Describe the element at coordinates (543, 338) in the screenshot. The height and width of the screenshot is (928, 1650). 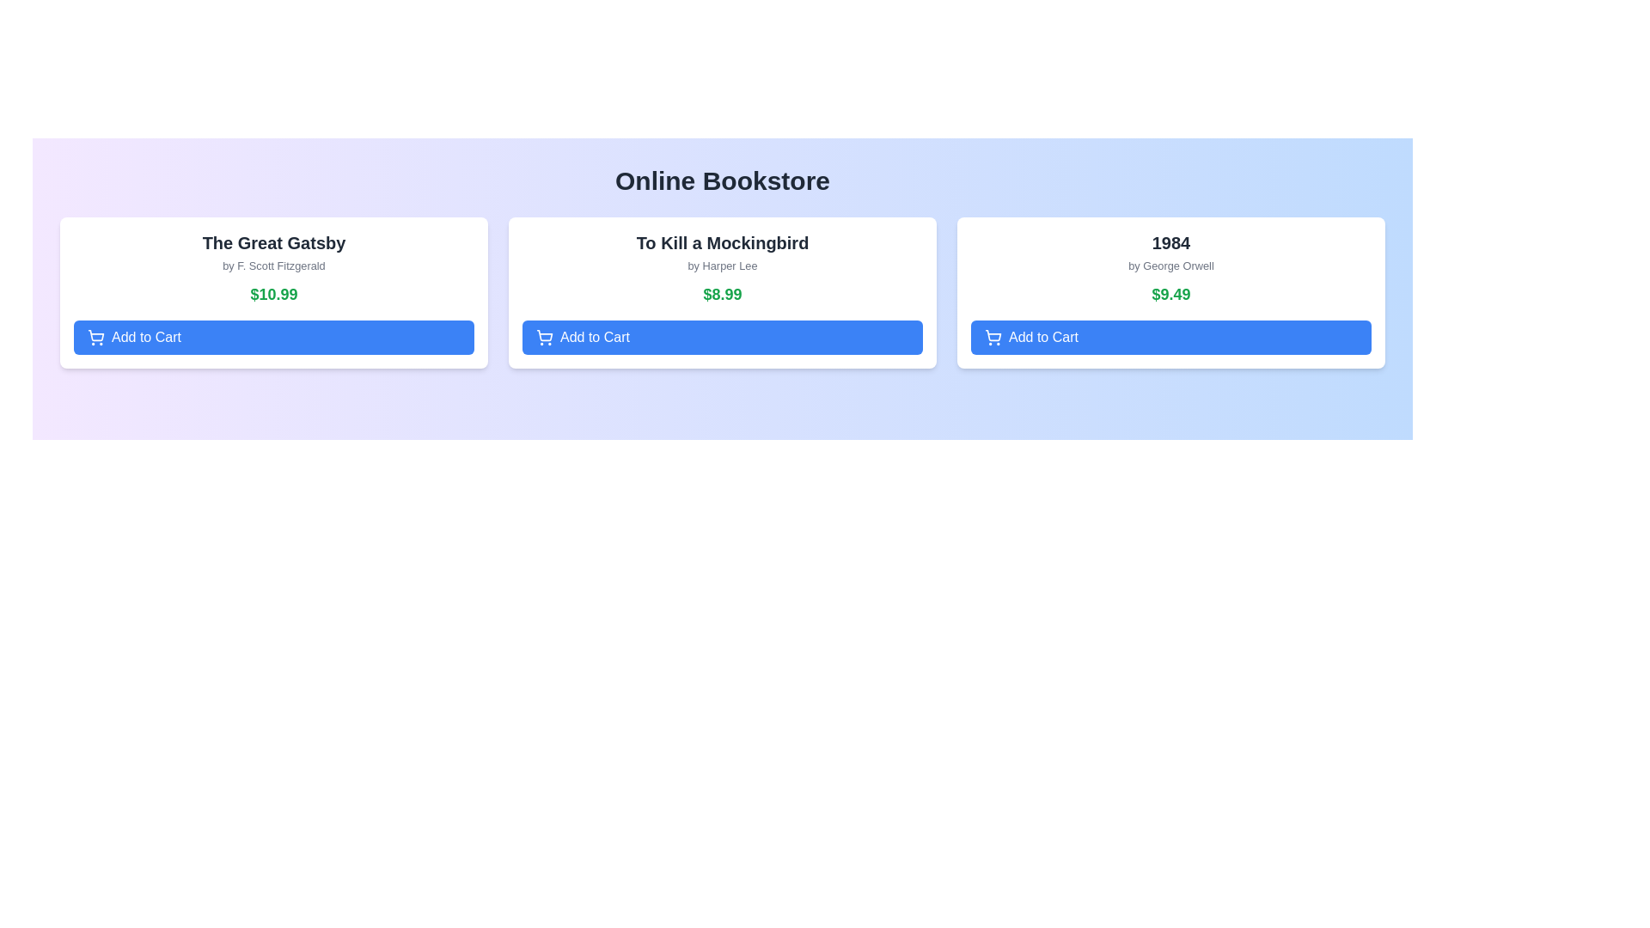
I see `the shopping cart icon located within the 'Add to Cart' button for the book 'To Kill a Mockingbird'` at that location.